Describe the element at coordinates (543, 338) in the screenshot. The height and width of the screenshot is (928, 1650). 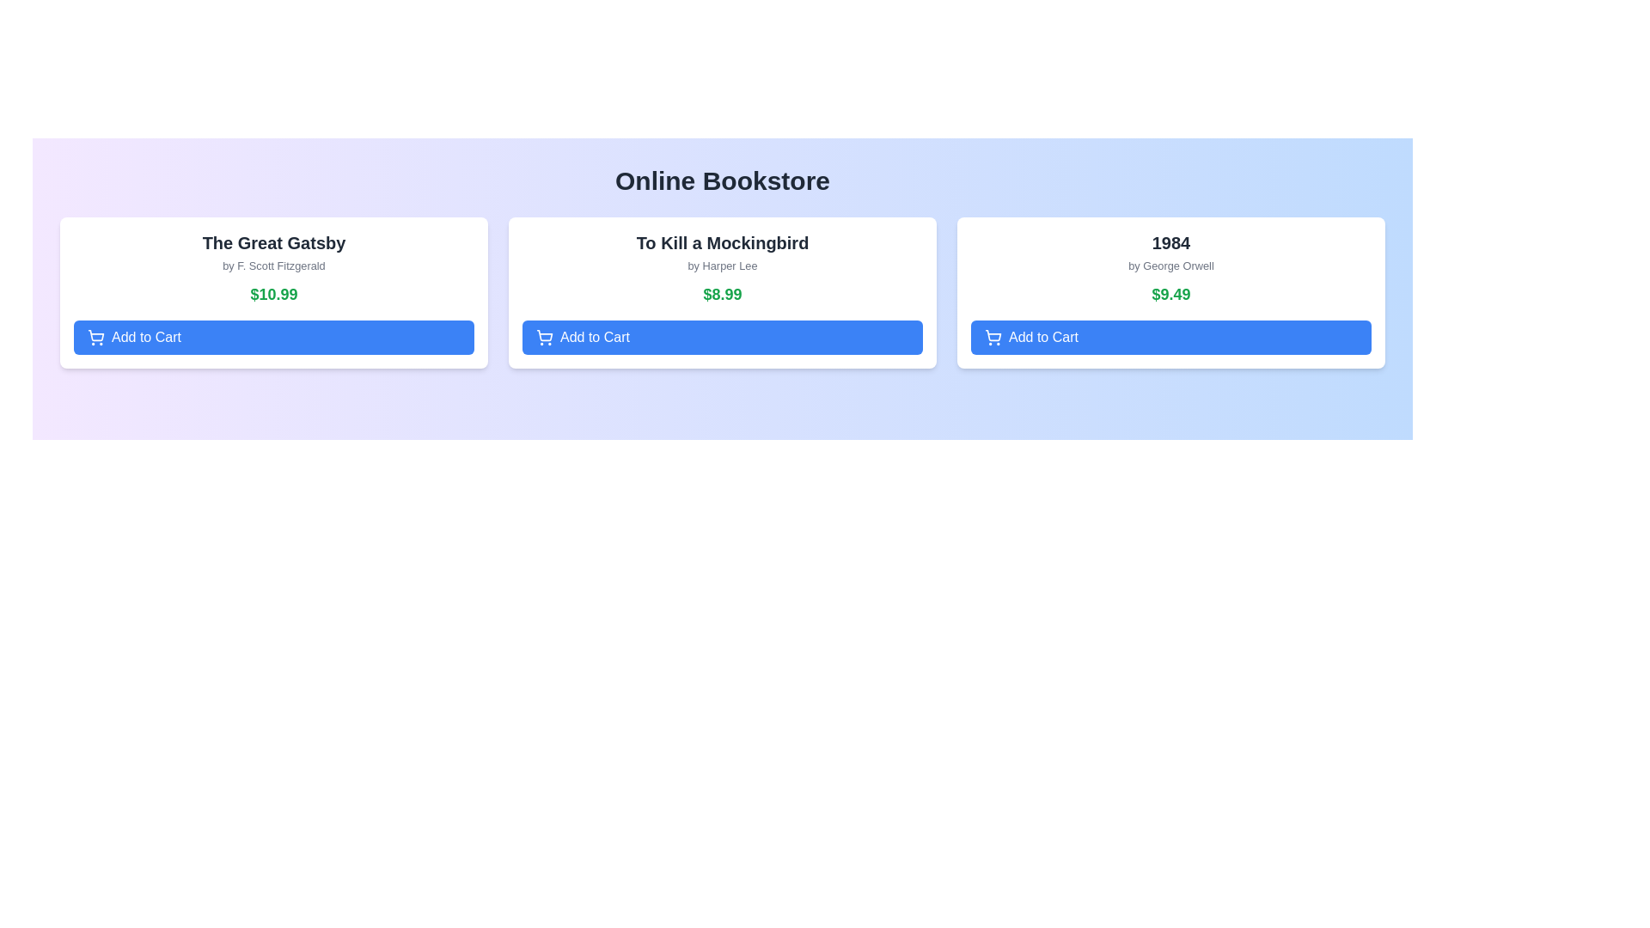
I see `the shopping cart icon located within the 'Add to Cart' button for the book 'To Kill a Mockingbird'` at that location.